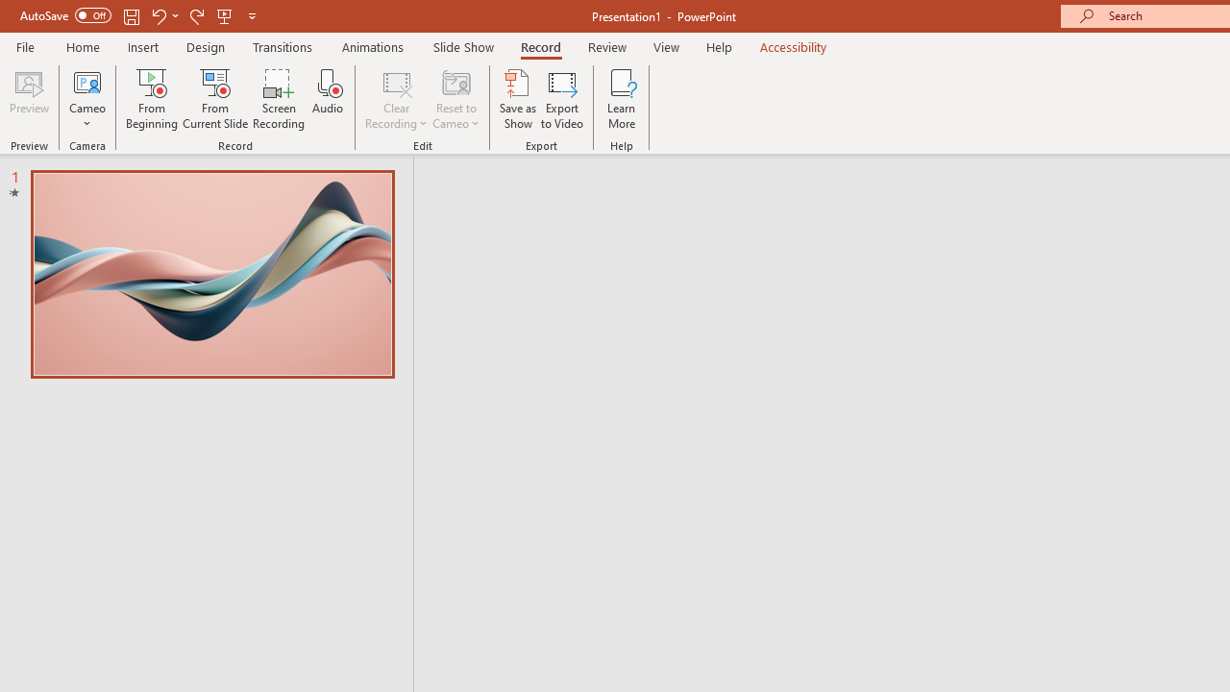 Image resolution: width=1230 pixels, height=692 pixels. Describe the element at coordinates (215, 99) in the screenshot. I see `'From Current Slide...'` at that location.